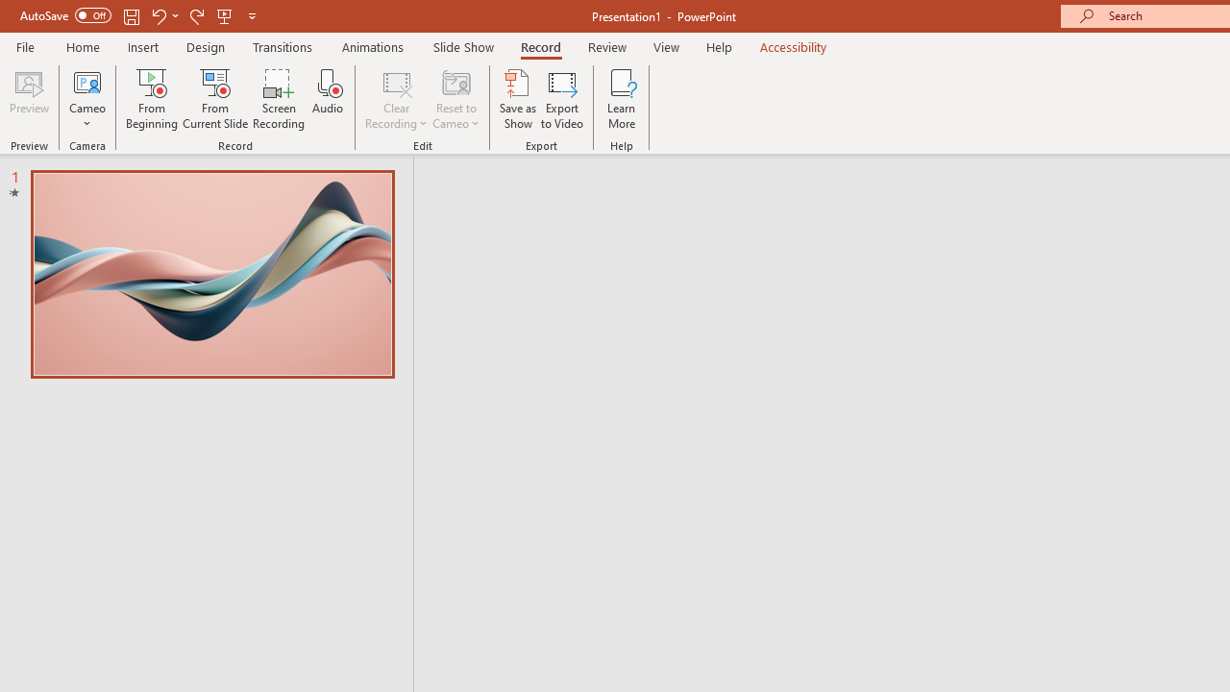 Image resolution: width=1230 pixels, height=692 pixels. Describe the element at coordinates (215, 99) in the screenshot. I see `'From Current Slide...'` at that location.